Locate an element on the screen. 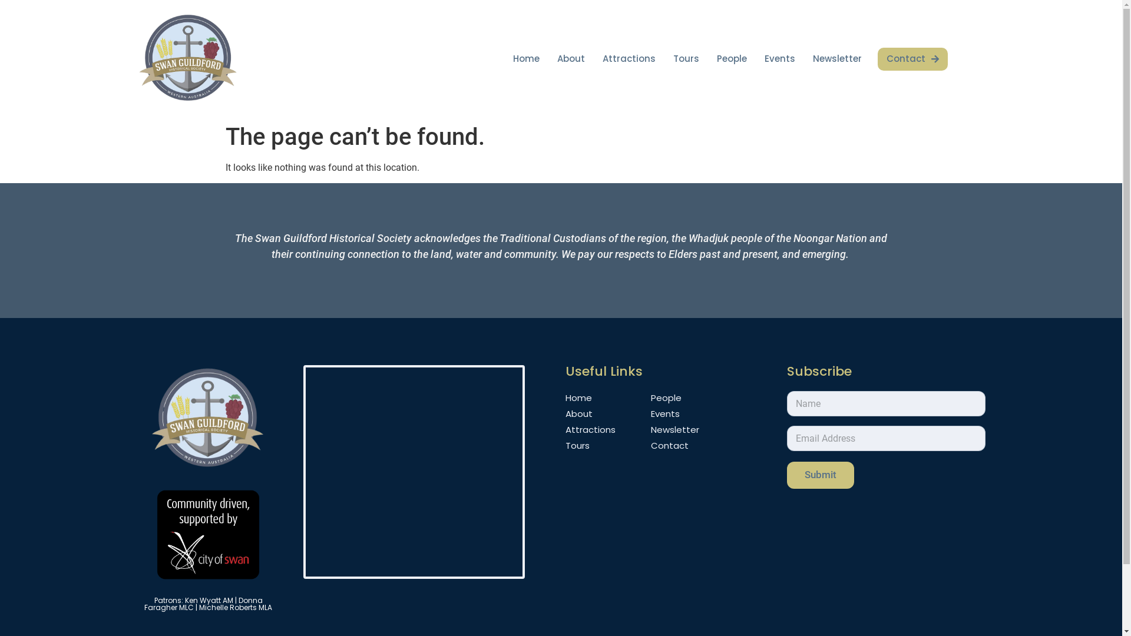  'People' is located at coordinates (675, 397).